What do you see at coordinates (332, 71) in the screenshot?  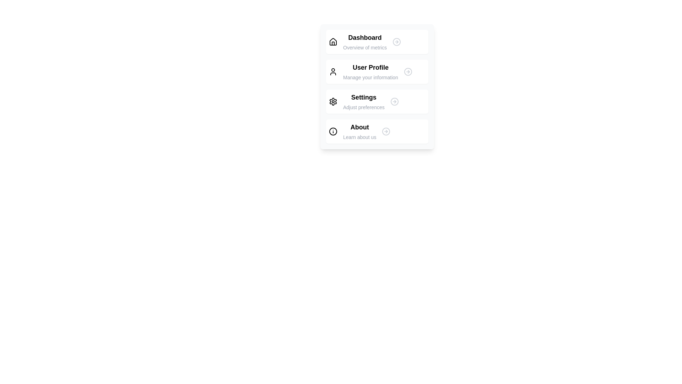 I see `the styled outline icon representing a user, located in the 'User Profile' section, which is the first icon in a vertical list of options` at bounding box center [332, 71].